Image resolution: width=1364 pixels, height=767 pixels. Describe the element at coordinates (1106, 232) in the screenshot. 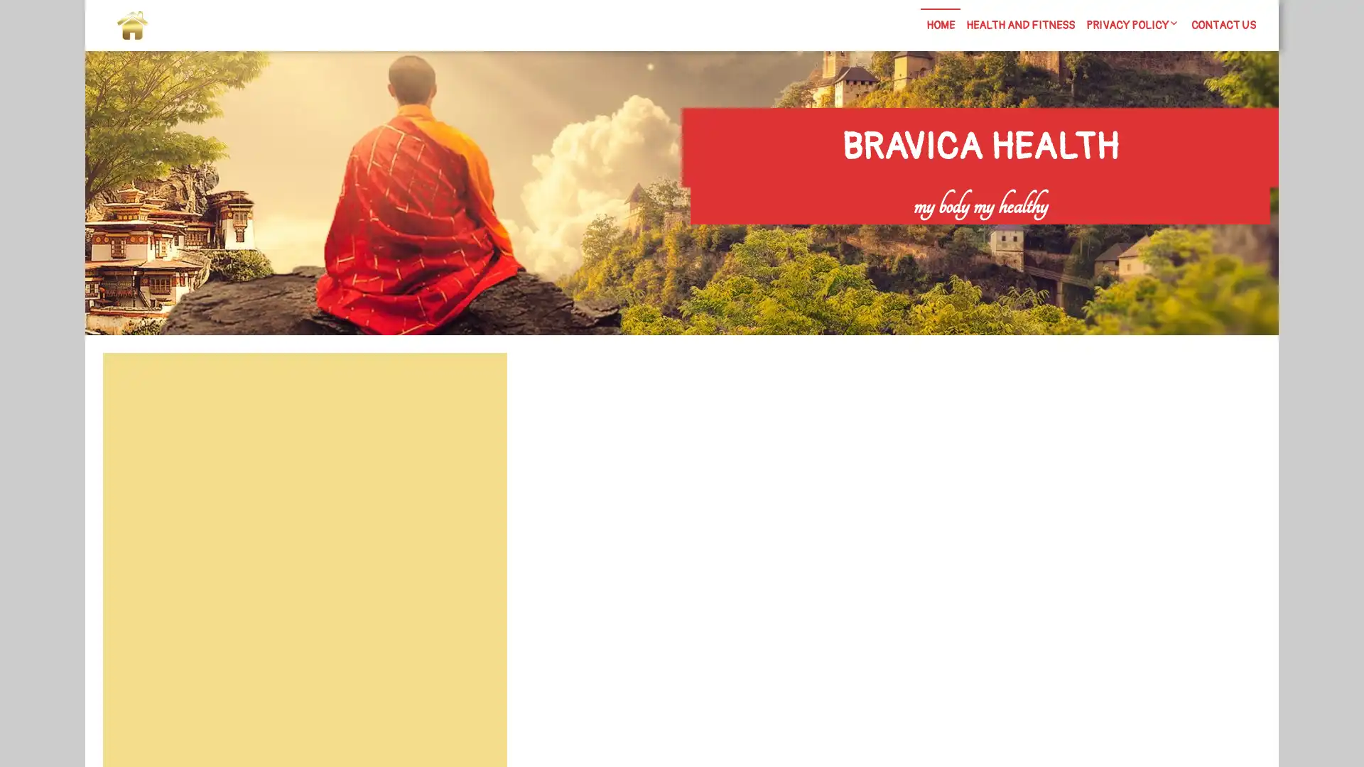

I see `Search` at that location.